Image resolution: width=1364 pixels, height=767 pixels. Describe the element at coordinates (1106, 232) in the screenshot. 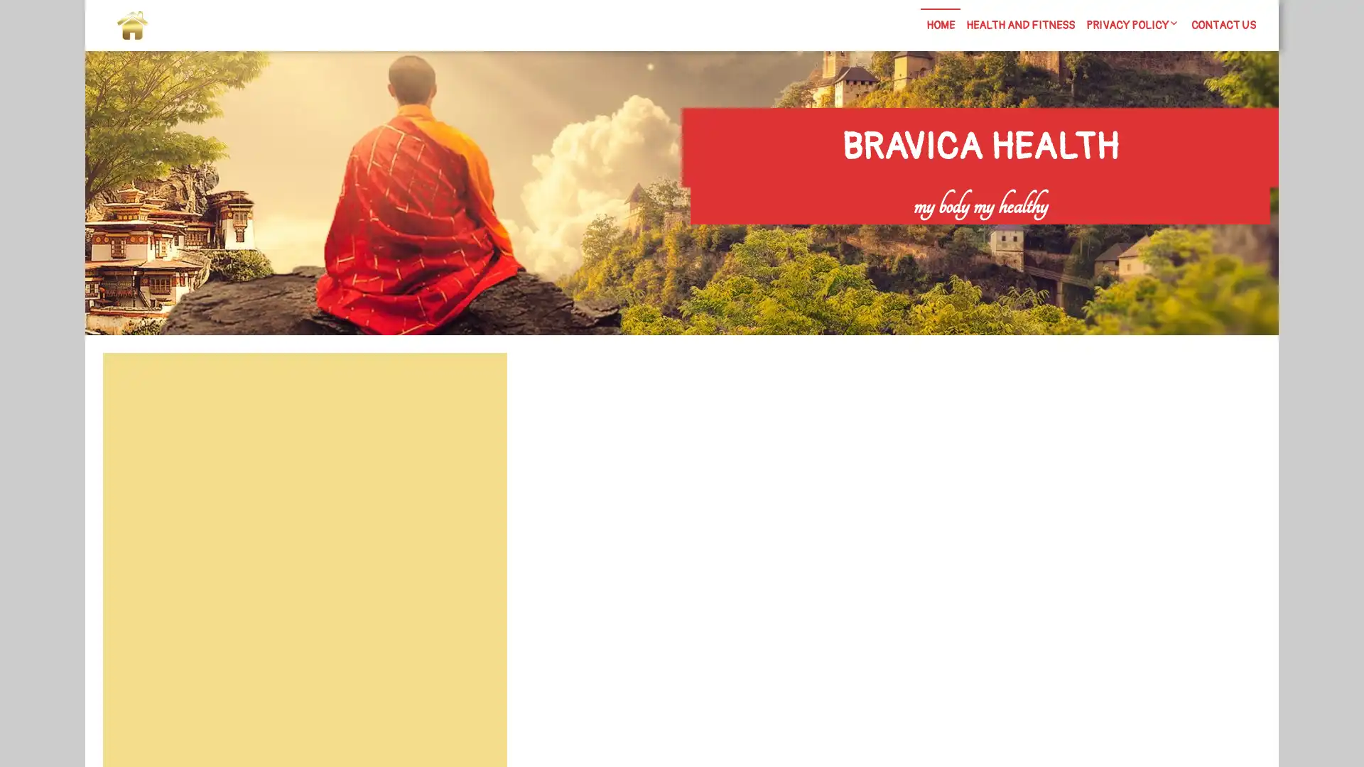

I see `Search` at that location.